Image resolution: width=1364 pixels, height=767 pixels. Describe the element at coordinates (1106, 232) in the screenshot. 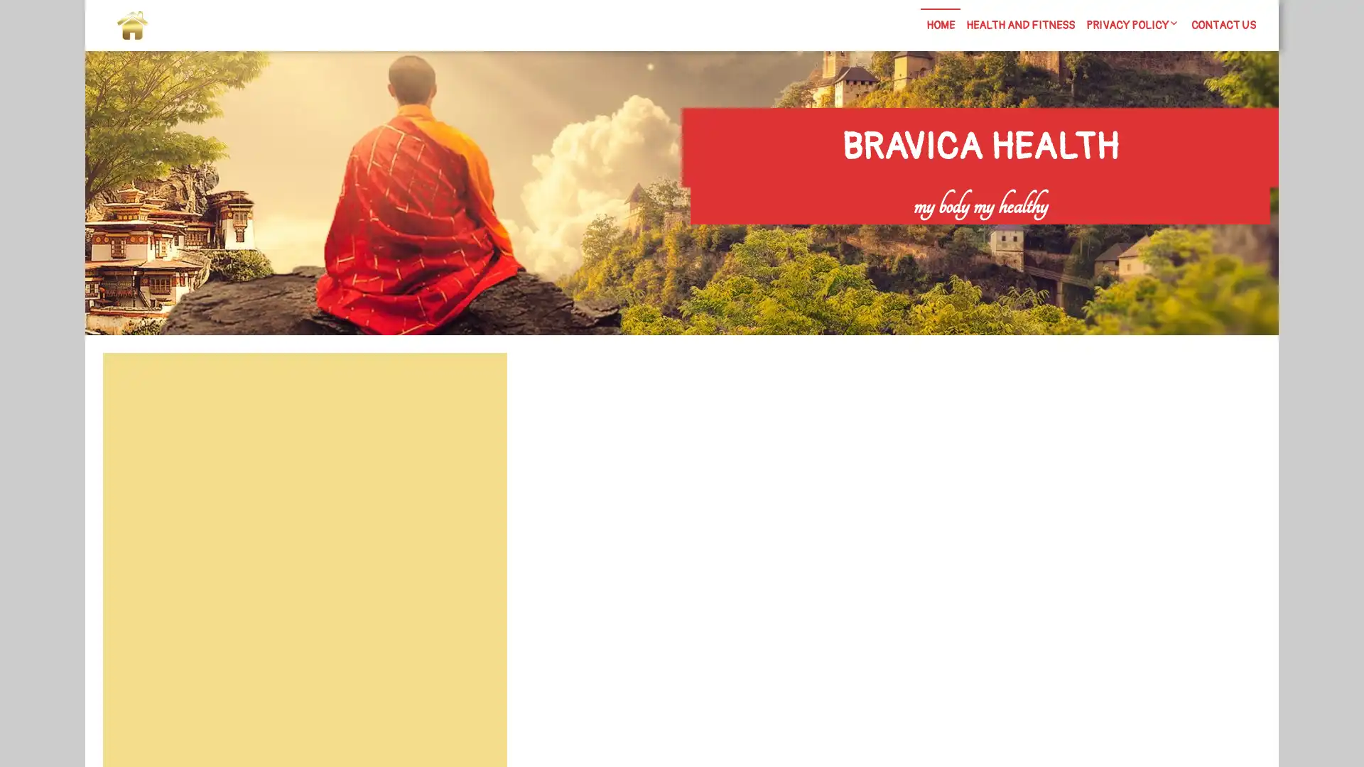

I see `Search` at that location.